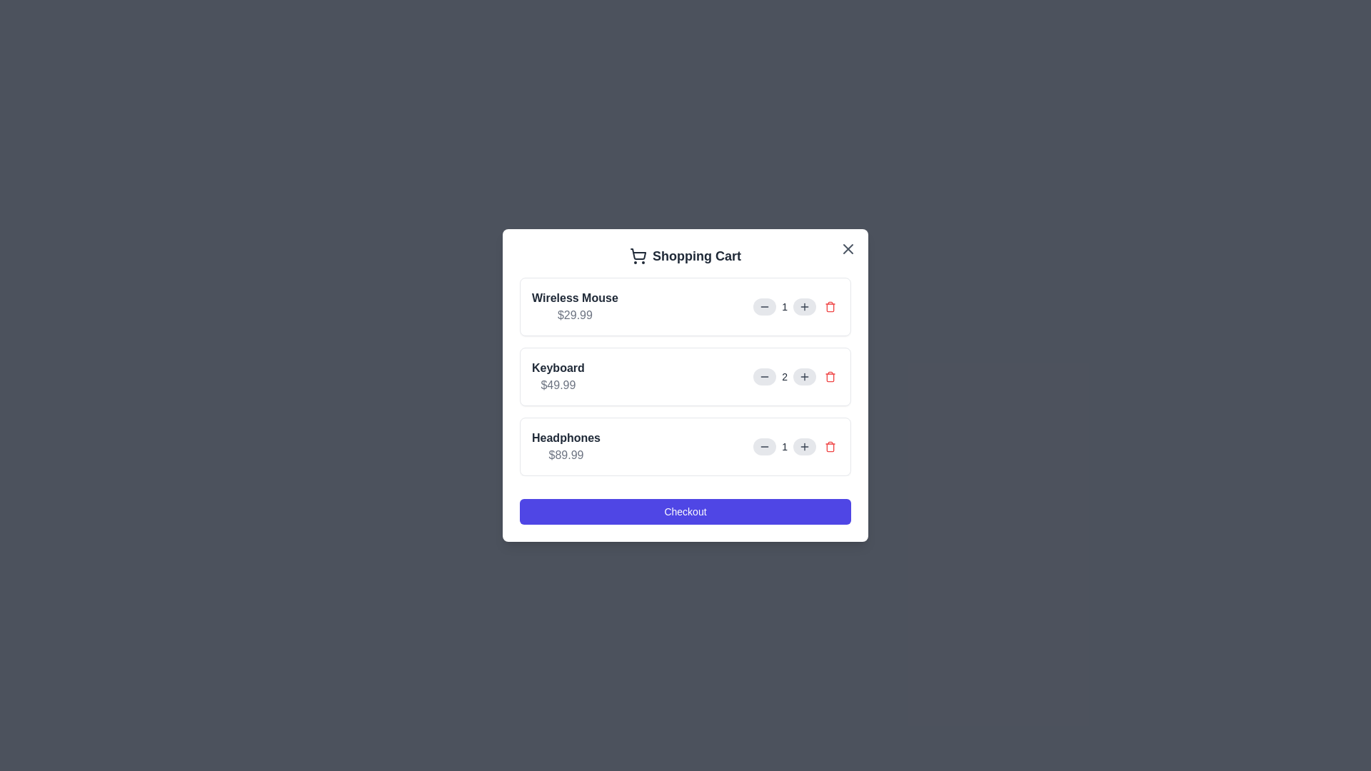 This screenshot has height=771, width=1371. What do you see at coordinates (830, 445) in the screenshot?
I see `the red trashcan icon located at the rightmost position of the row for the 'Headphones' item in the shopping cart to initiate the removal action` at bounding box center [830, 445].